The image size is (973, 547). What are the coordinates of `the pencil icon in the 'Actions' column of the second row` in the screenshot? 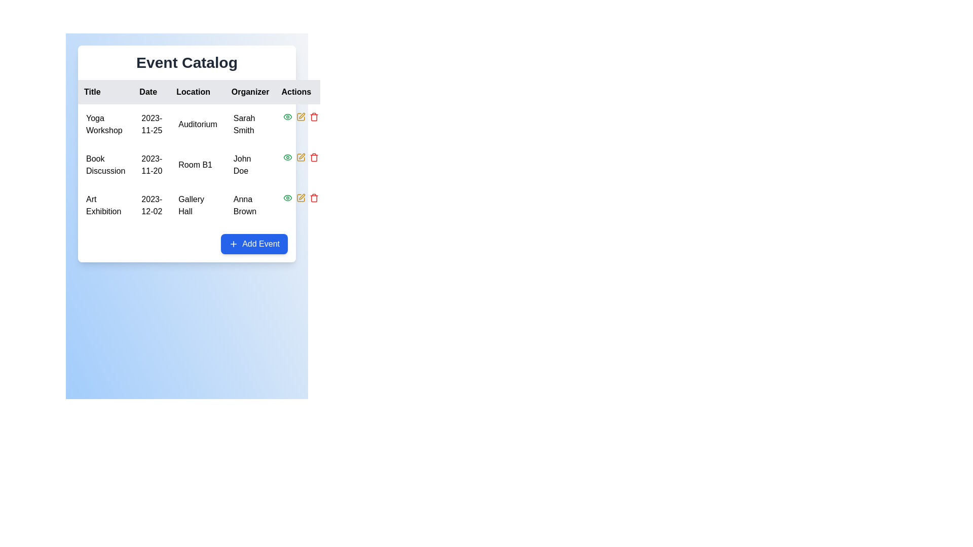 It's located at (302, 115).